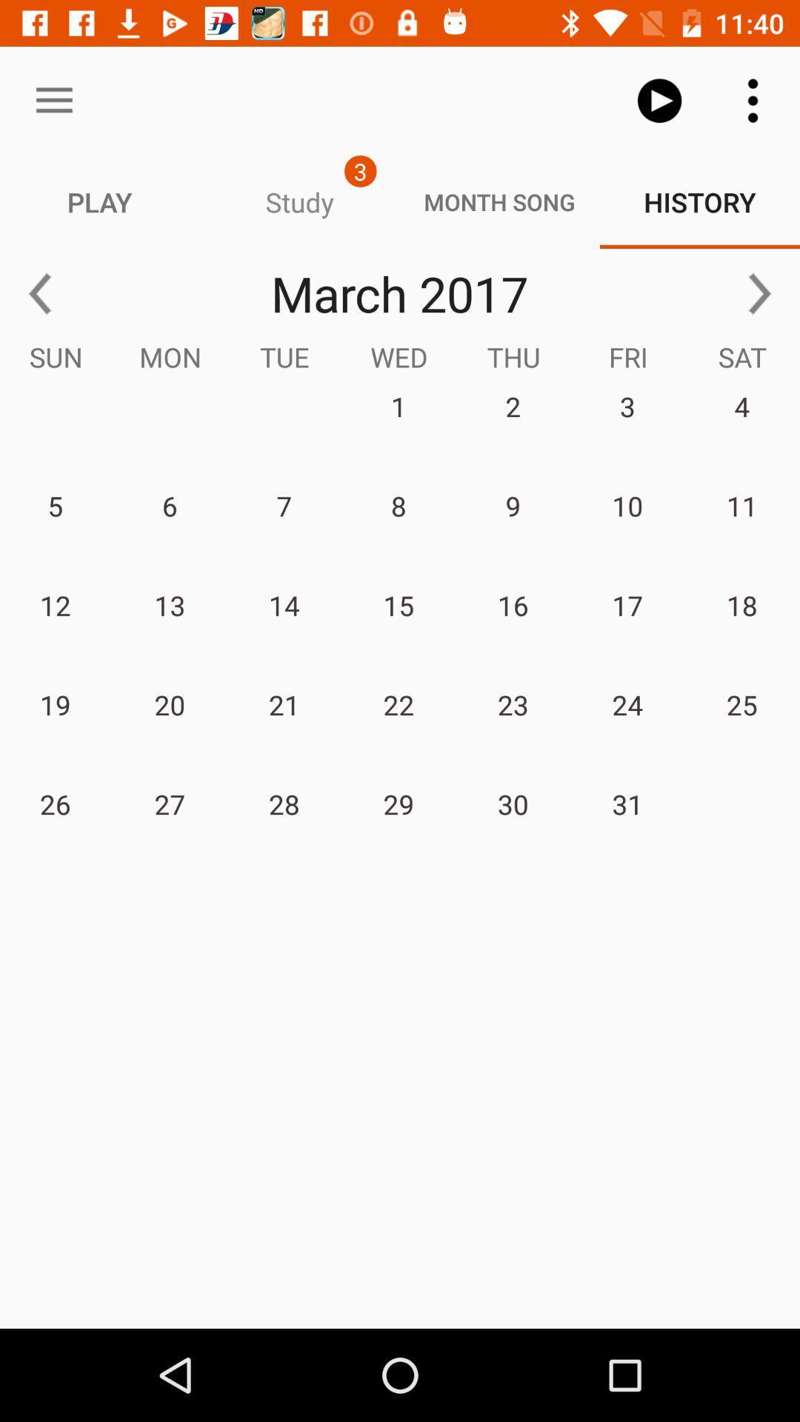 The width and height of the screenshot is (800, 1422). Describe the element at coordinates (39, 293) in the screenshot. I see `the arrow_backward icon` at that location.